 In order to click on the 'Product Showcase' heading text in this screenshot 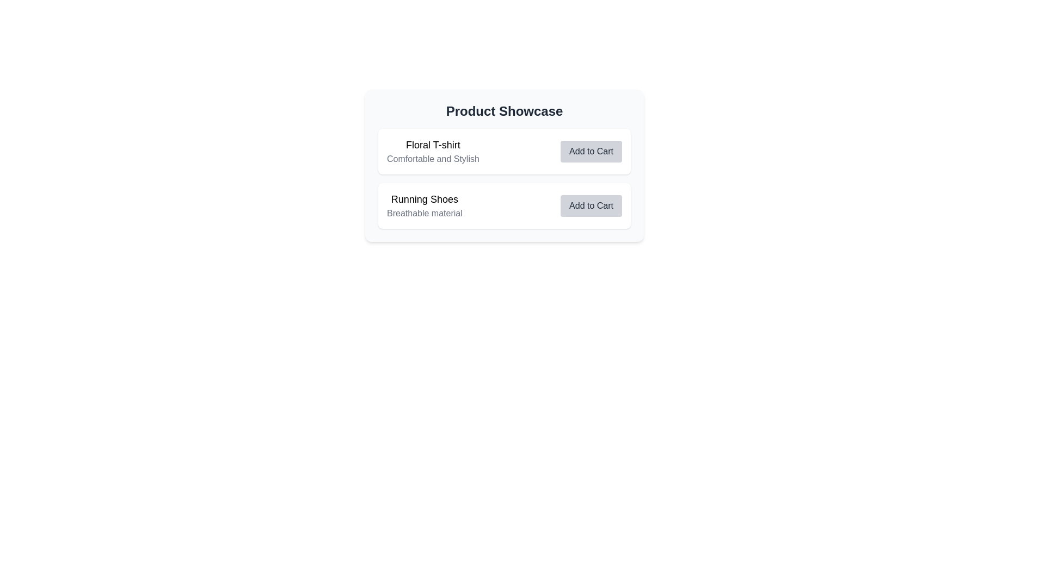, I will do `click(503, 111)`.